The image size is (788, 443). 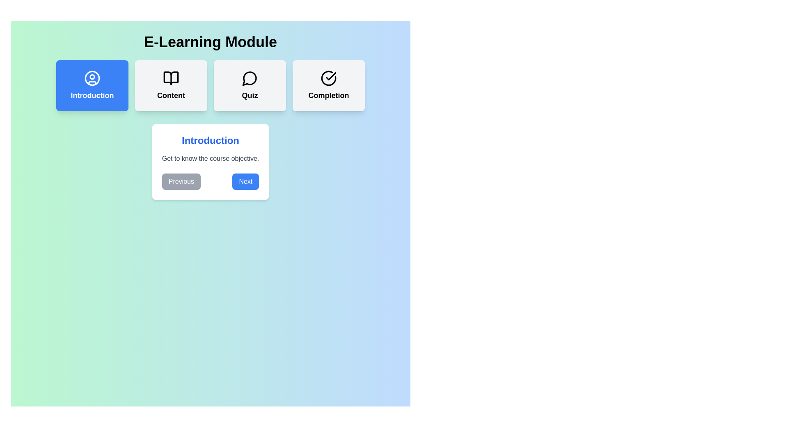 What do you see at coordinates (250, 85) in the screenshot?
I see `the learning step Quiz by clicking its card` at bounding box center [250, 85].